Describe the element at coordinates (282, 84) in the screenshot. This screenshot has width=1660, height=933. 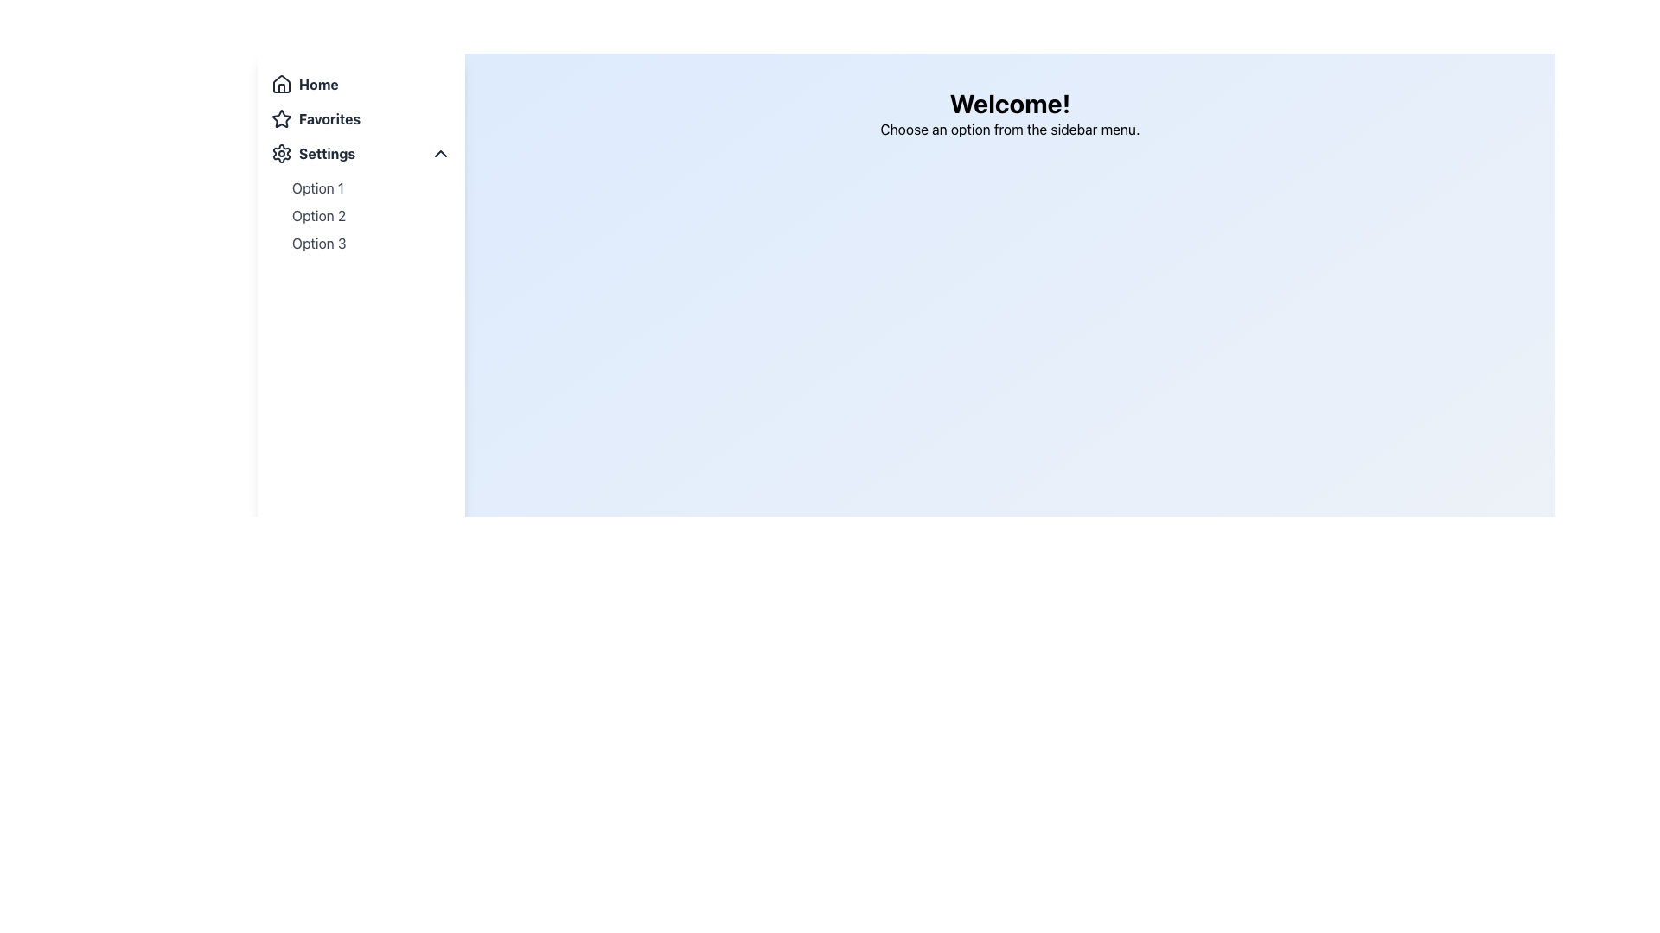
I see `the house-shaped icon located in the top-left part of the side navigation bar` at that location.